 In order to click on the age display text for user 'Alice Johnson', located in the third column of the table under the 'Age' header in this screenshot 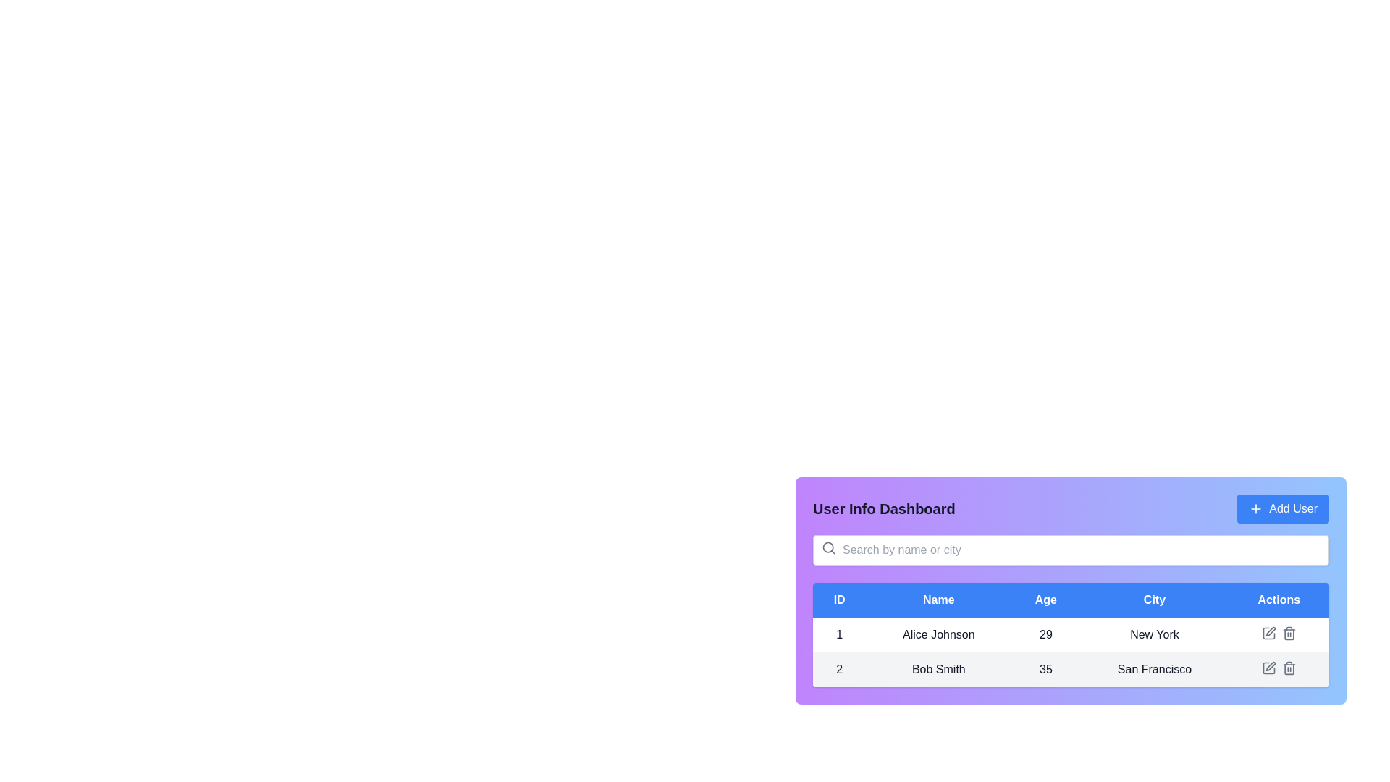, I will do `click(1045, 634)`.